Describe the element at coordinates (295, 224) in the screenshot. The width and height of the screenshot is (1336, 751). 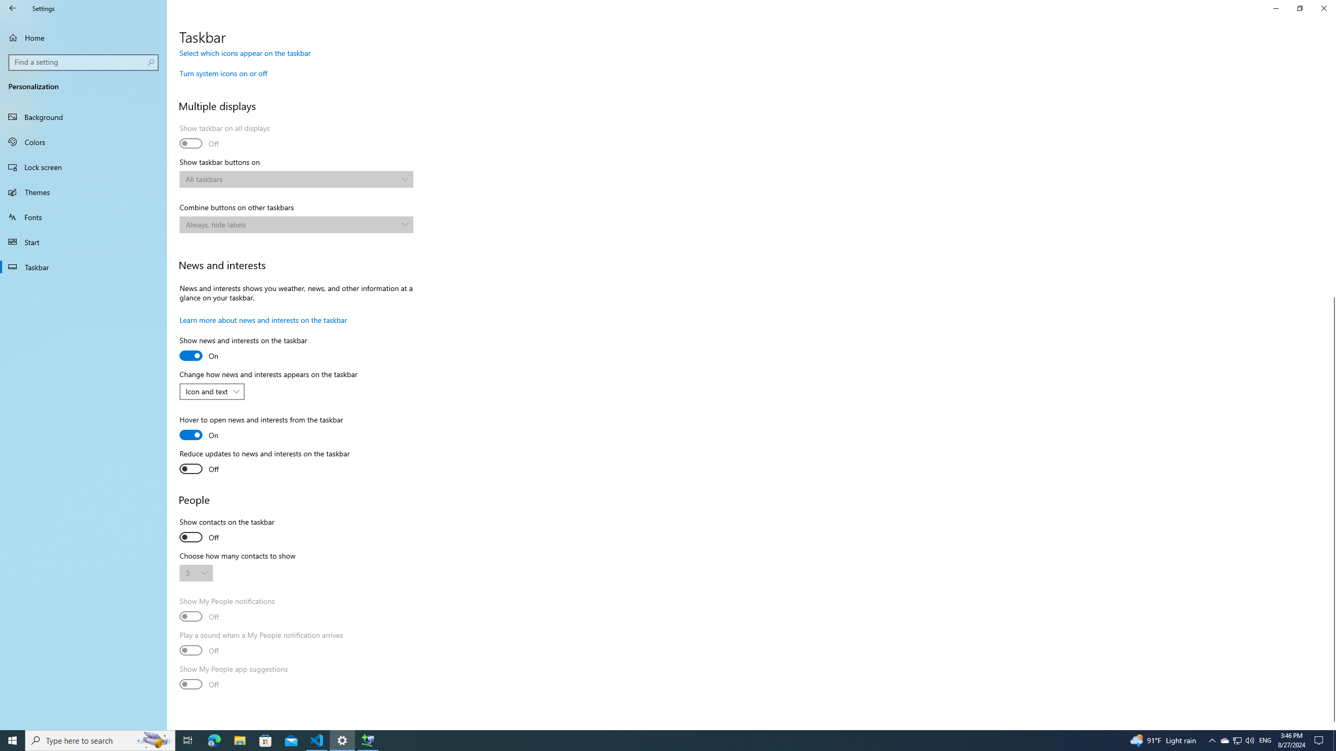
I see `'Combine buttons on other taskbars'` at that location.